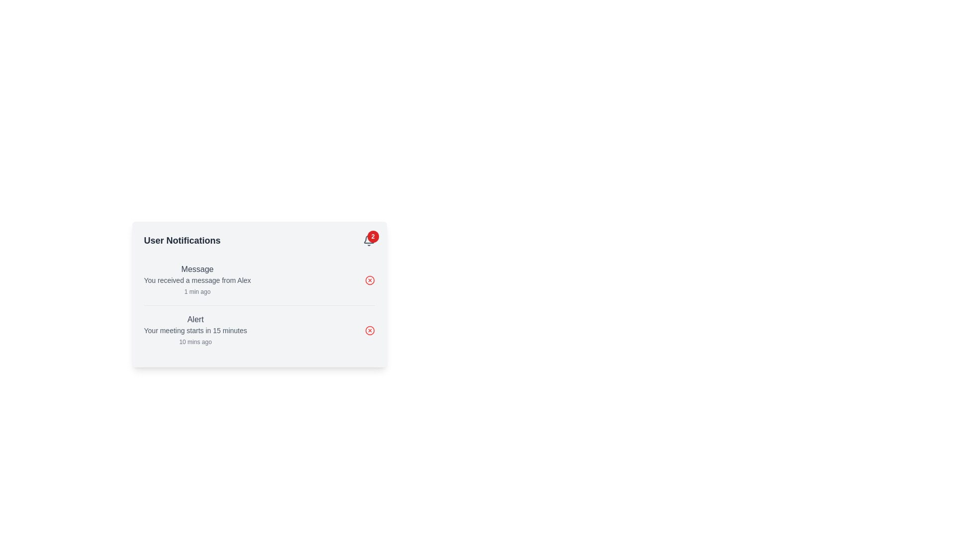 This screenshot has width=955, height=537. What do you see at coordinates (368, 239) in the screenshot?
I see `the lower part of the outlined bell icon, specifically its bottom curve and clapper, located in the top-right corner of the notification panel` at bounding box center [368, 239].